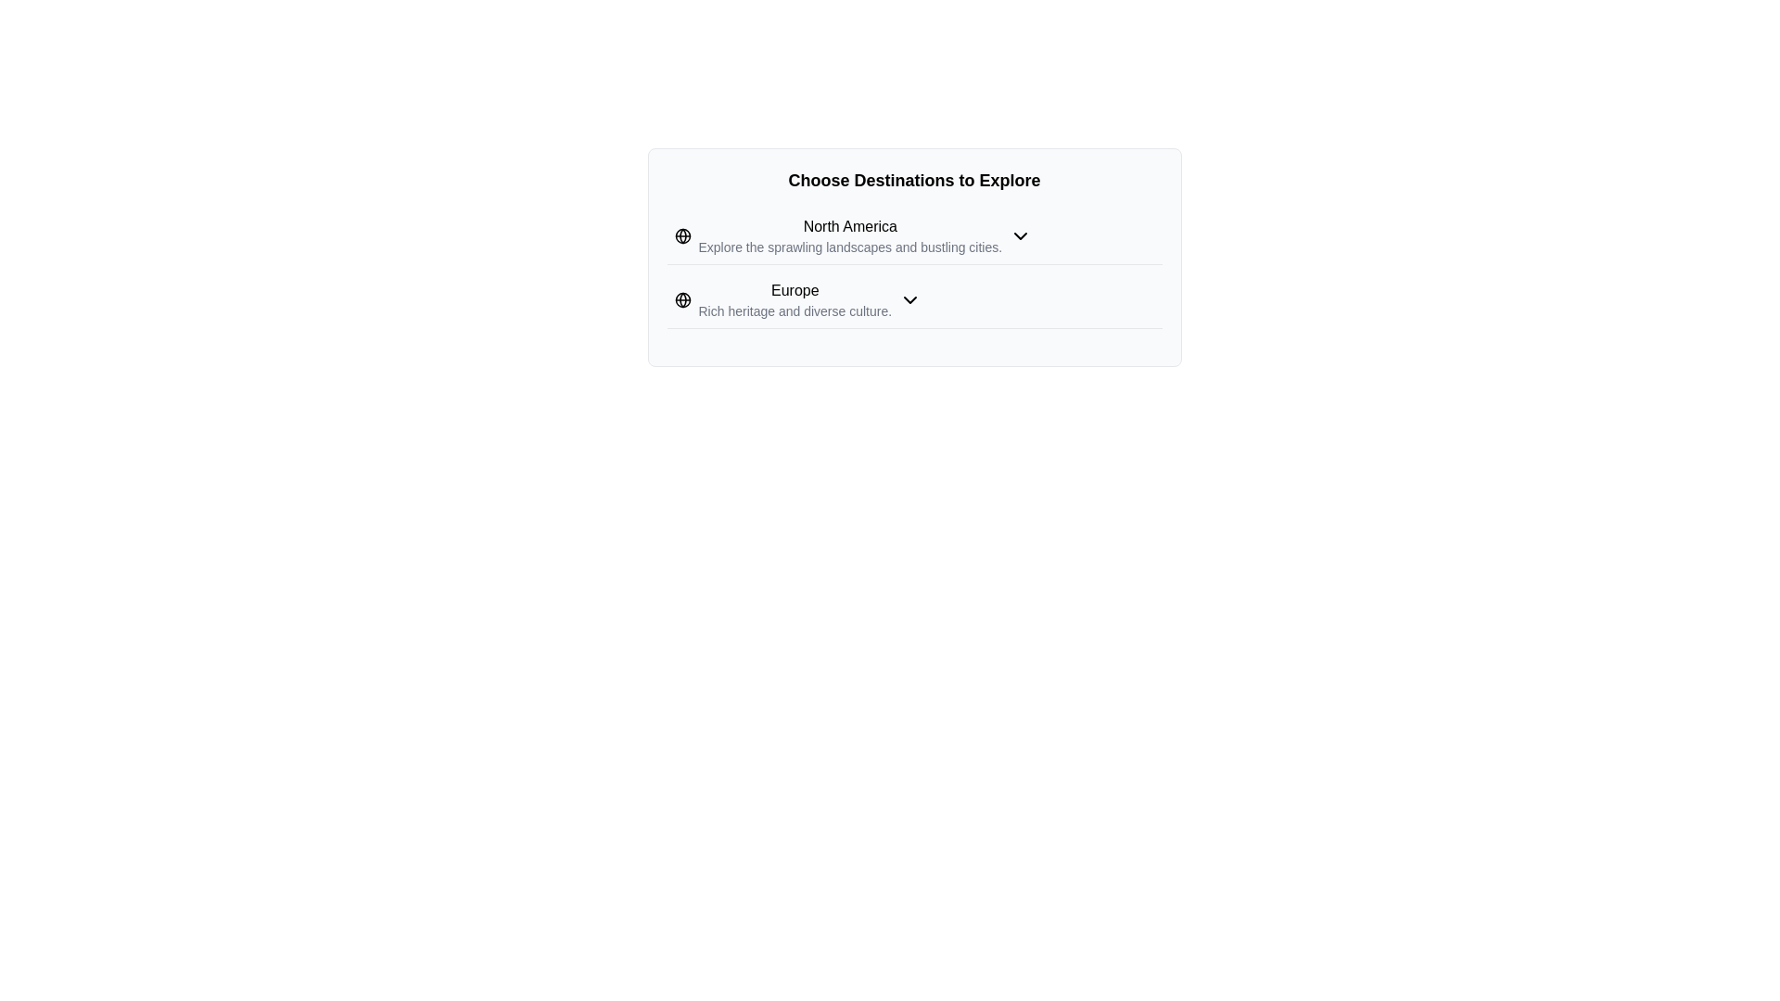 This screenshot has width=1780, height=1001. Describe the element at coordinates (1020, 234) in the screenshot. I see `the downward-pointing chevron icon at the end of the 'North America' text label` at that location.